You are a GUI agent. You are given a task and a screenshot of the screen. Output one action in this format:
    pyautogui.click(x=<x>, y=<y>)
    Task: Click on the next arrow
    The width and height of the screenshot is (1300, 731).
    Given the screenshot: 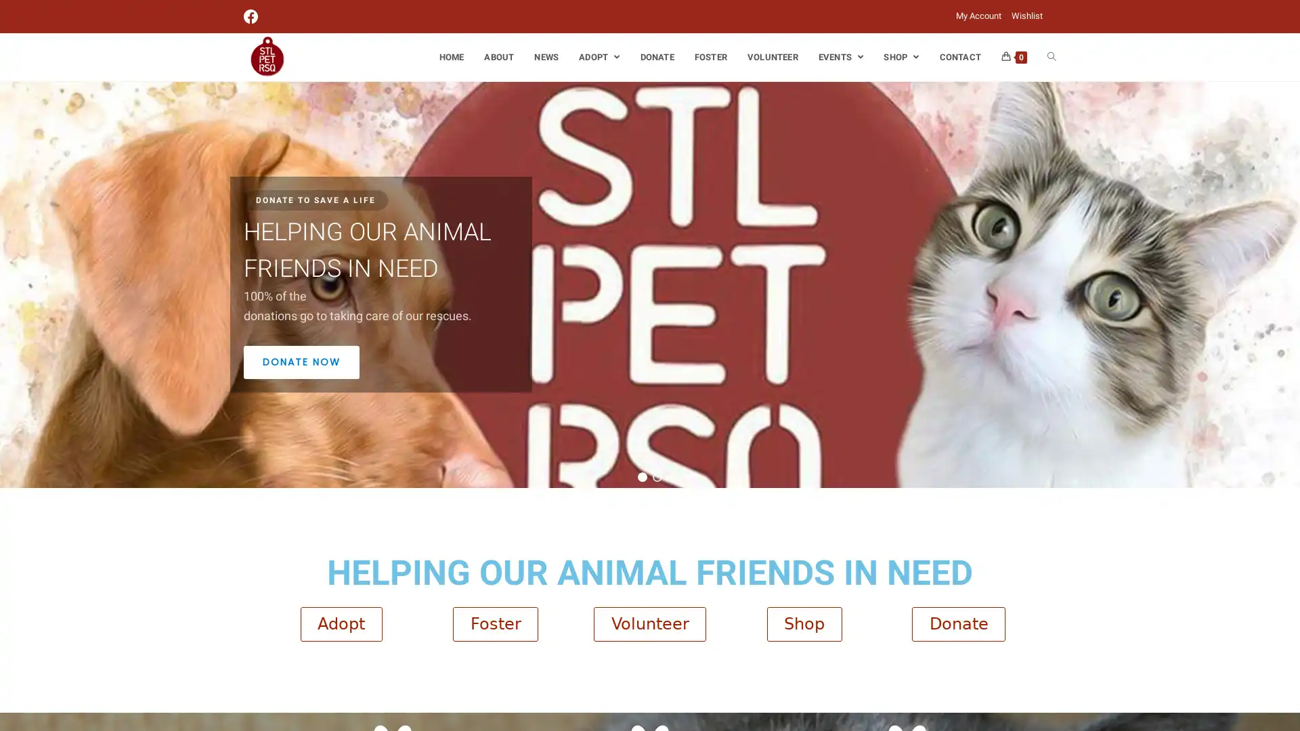 What is the action you would take?
    pyautogui.click(x=1285, y=284)
    